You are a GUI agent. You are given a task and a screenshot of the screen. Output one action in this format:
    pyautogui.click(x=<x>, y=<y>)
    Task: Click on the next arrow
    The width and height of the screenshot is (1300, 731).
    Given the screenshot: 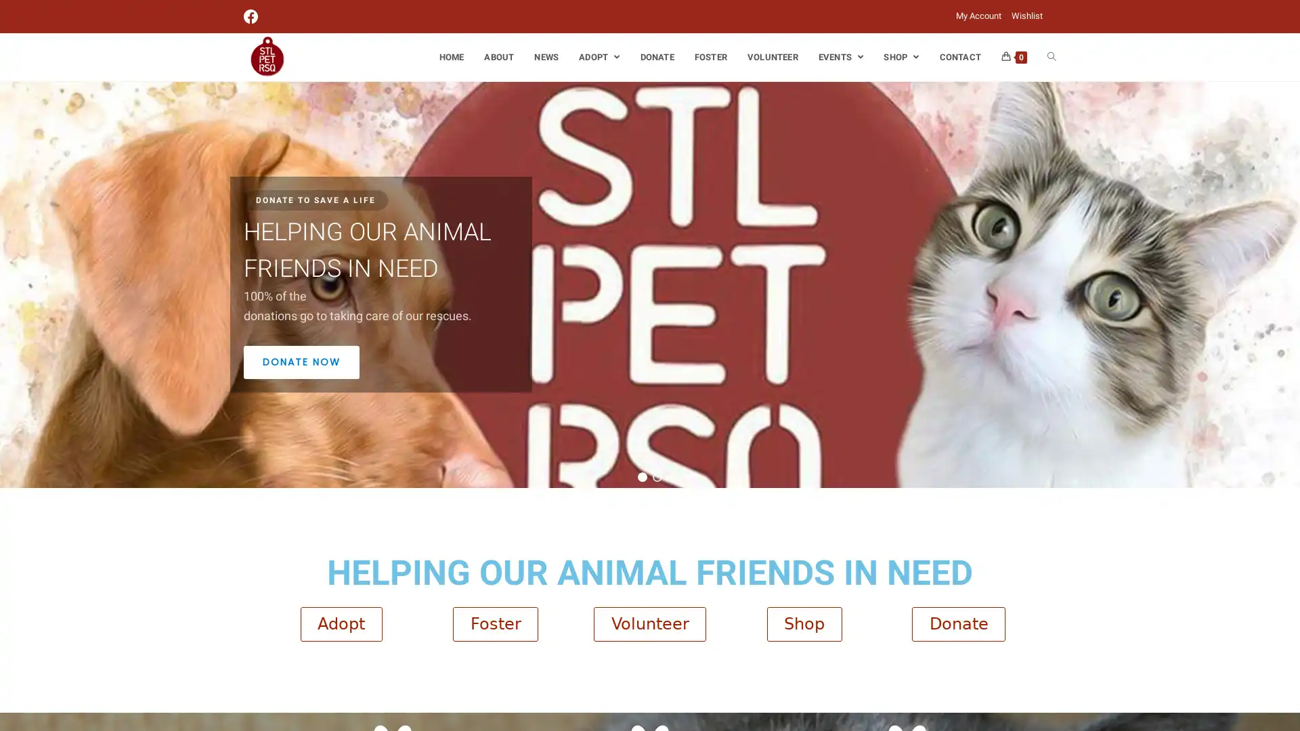 What is the action you would take?
    pyautogui.click(x=1285, y=284)
    